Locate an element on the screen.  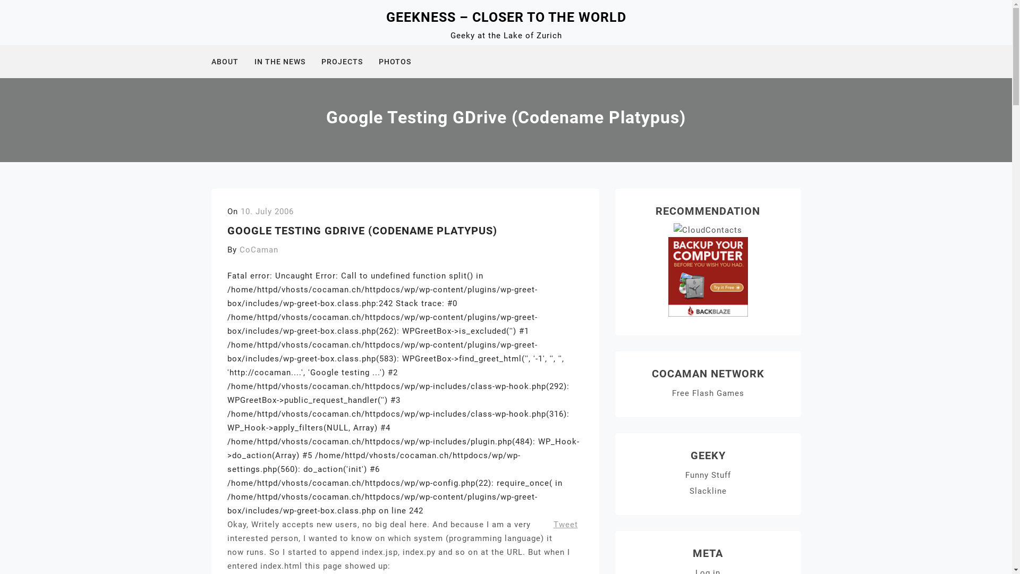
'Slackline' is located at coordinates (708, 491).